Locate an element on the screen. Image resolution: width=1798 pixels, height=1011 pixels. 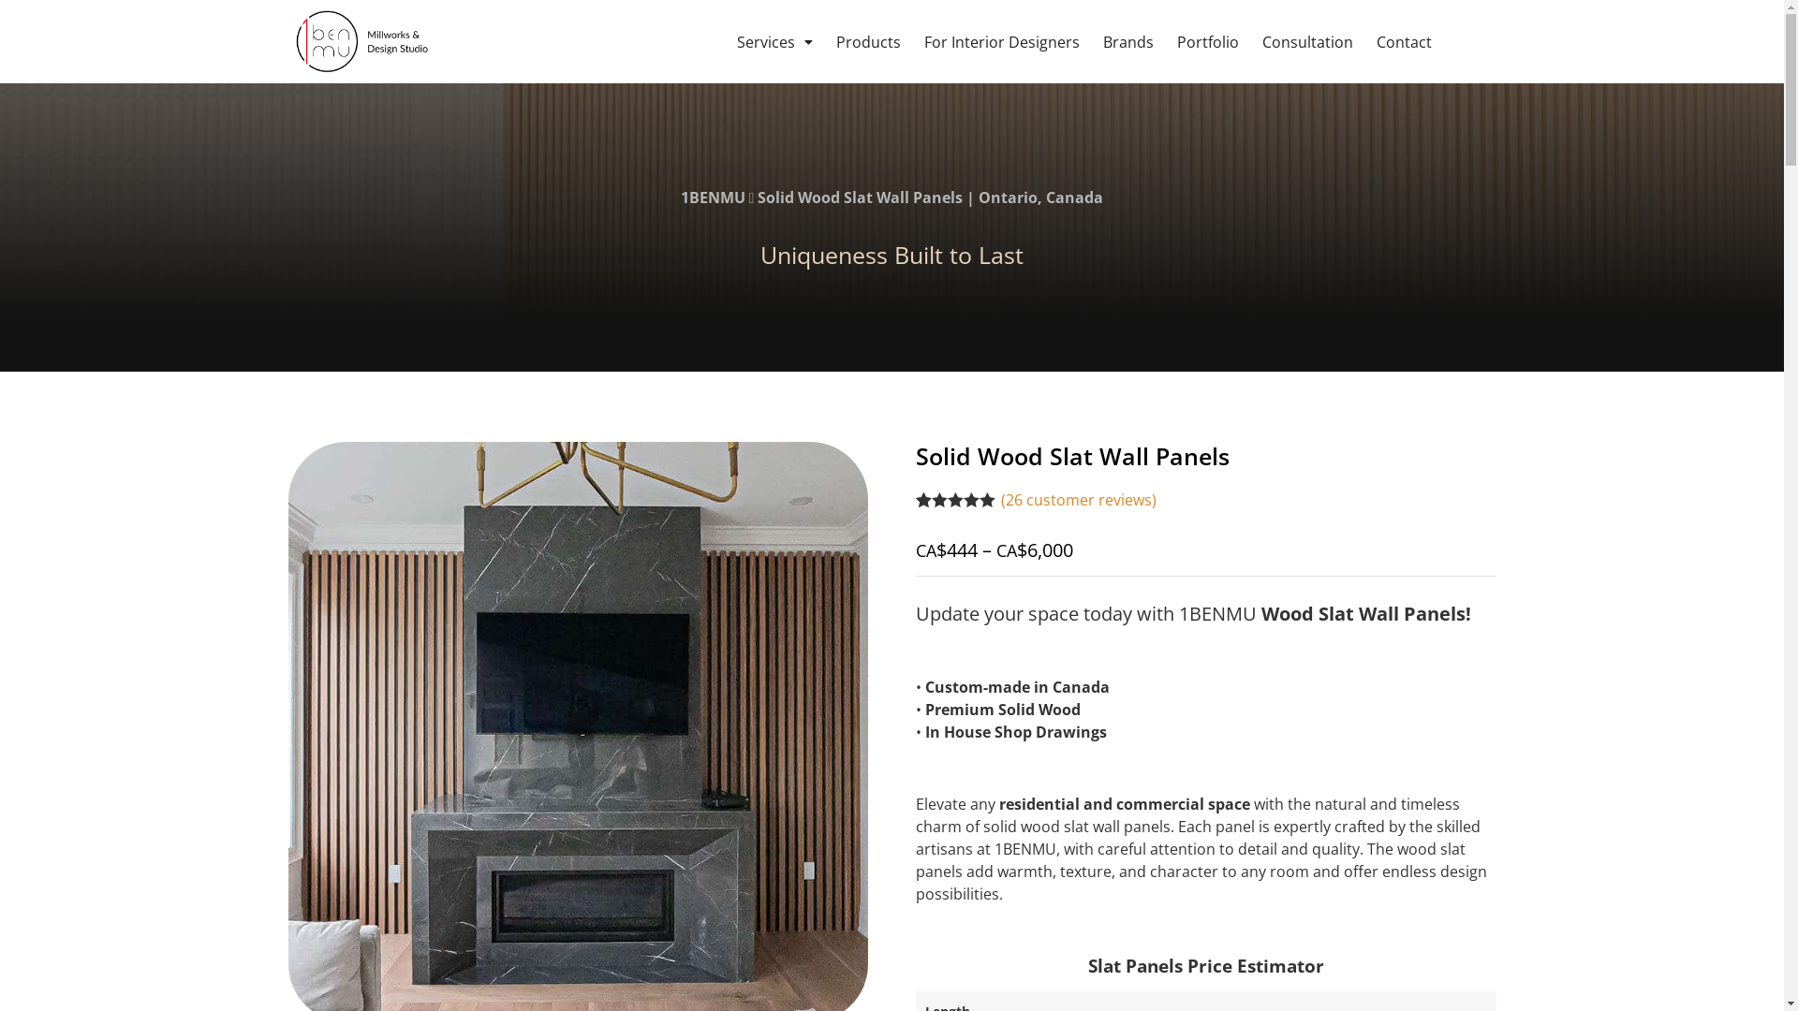
'Services' is located at coordinates (736, 40).